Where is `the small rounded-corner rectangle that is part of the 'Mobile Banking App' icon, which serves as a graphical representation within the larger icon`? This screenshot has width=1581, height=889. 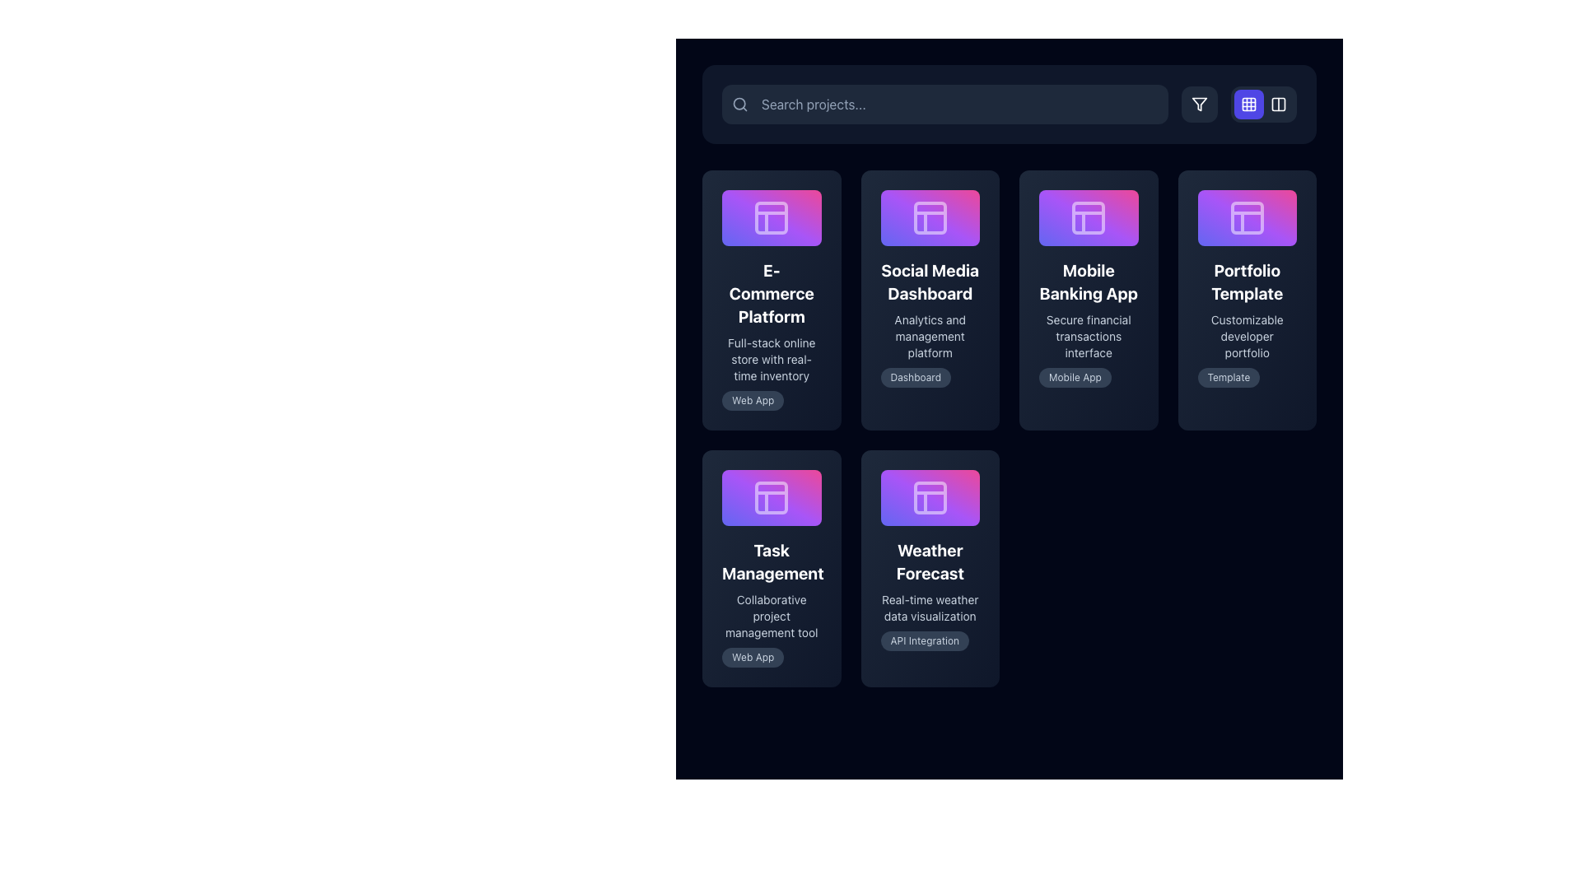
the small rounded-corner rectangle that is part of the 'Mobile Banking App' icon, which serves as a graphical representation within the larger icon is located at coordinates (1089, 216).